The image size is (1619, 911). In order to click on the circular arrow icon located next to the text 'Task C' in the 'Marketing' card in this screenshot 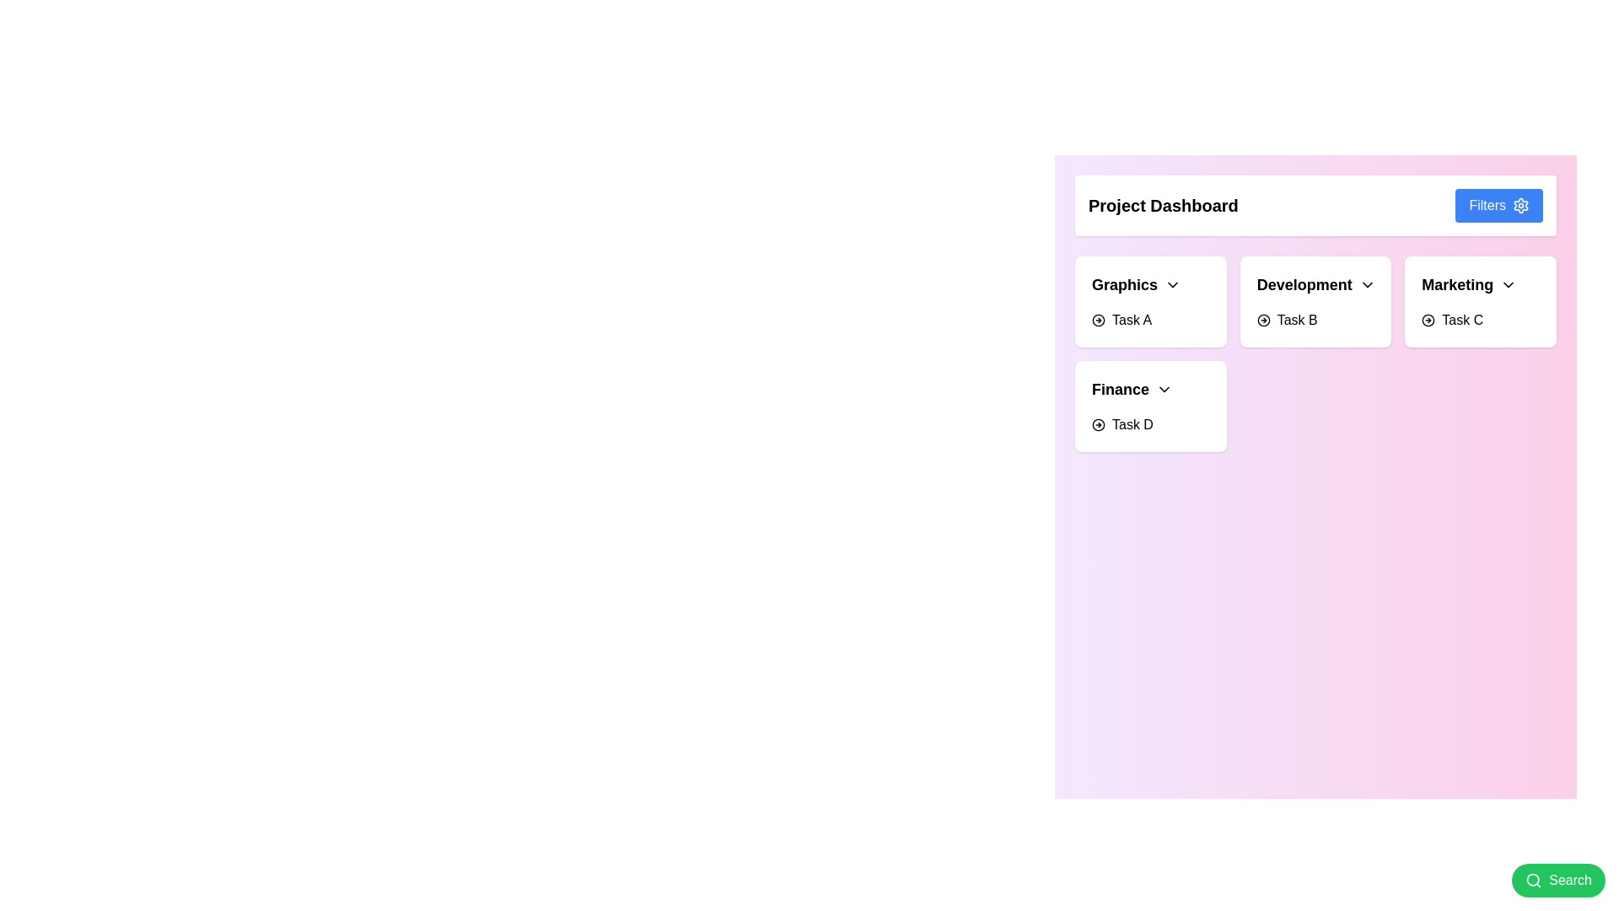, I will do `click(1428, 321)`.